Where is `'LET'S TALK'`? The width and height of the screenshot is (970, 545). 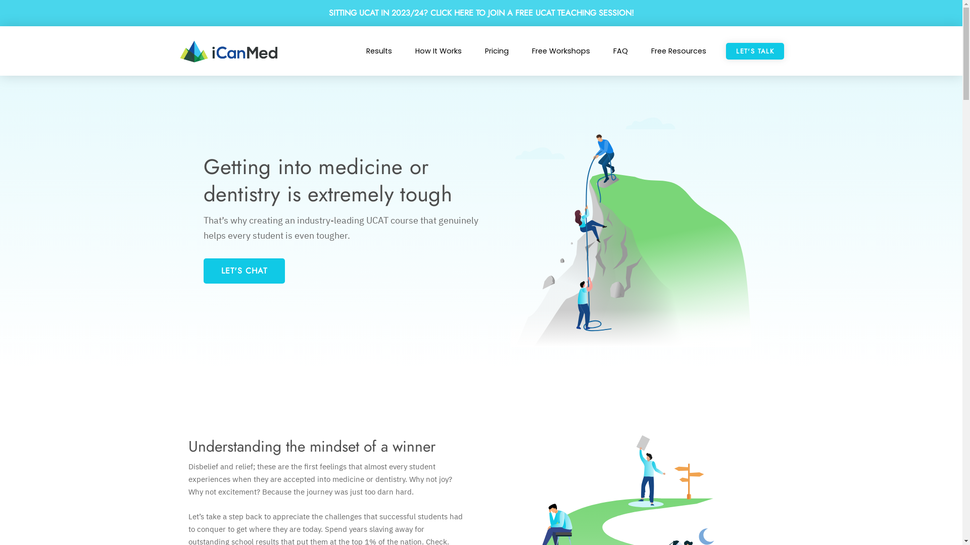
'LET'S TALK' is located at coordinates (755, 51).